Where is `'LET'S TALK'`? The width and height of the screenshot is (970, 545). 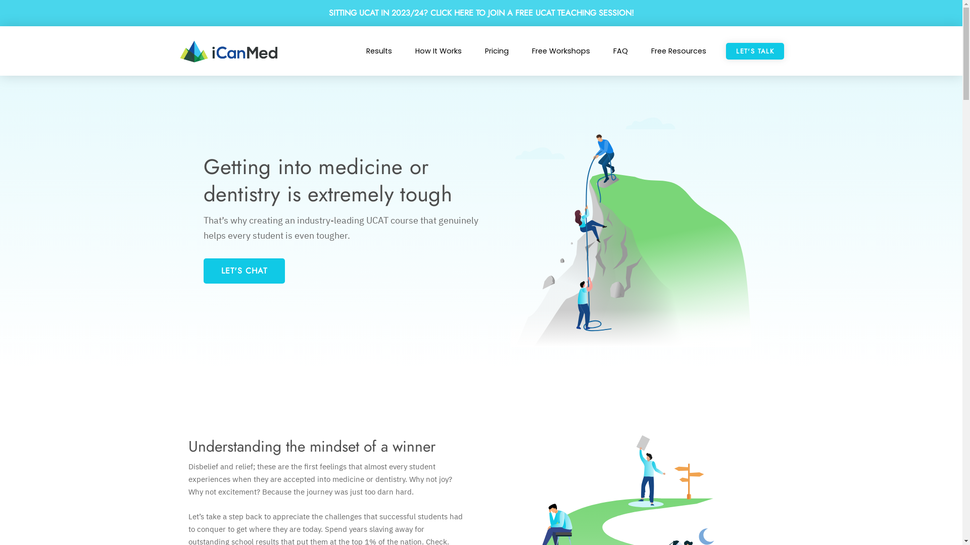
'LET'S TALK' is located at coordinates (755, 51).